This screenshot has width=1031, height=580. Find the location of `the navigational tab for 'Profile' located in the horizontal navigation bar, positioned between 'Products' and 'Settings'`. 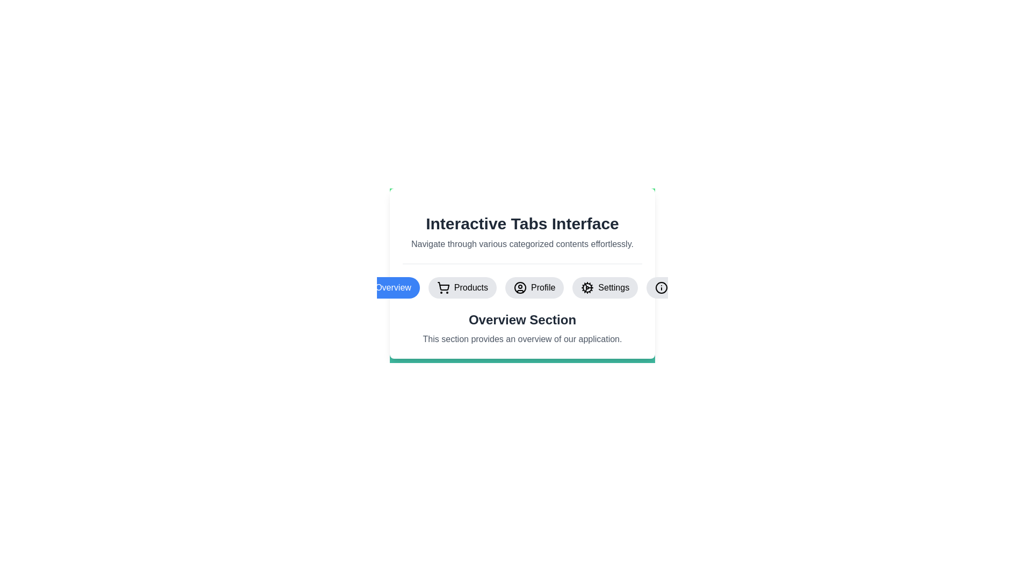

the navigational tab for 'Profile' located in the horizontal navigation bar, positioned between 'Products' and 'Settings' is located at coordinates (522, 287).